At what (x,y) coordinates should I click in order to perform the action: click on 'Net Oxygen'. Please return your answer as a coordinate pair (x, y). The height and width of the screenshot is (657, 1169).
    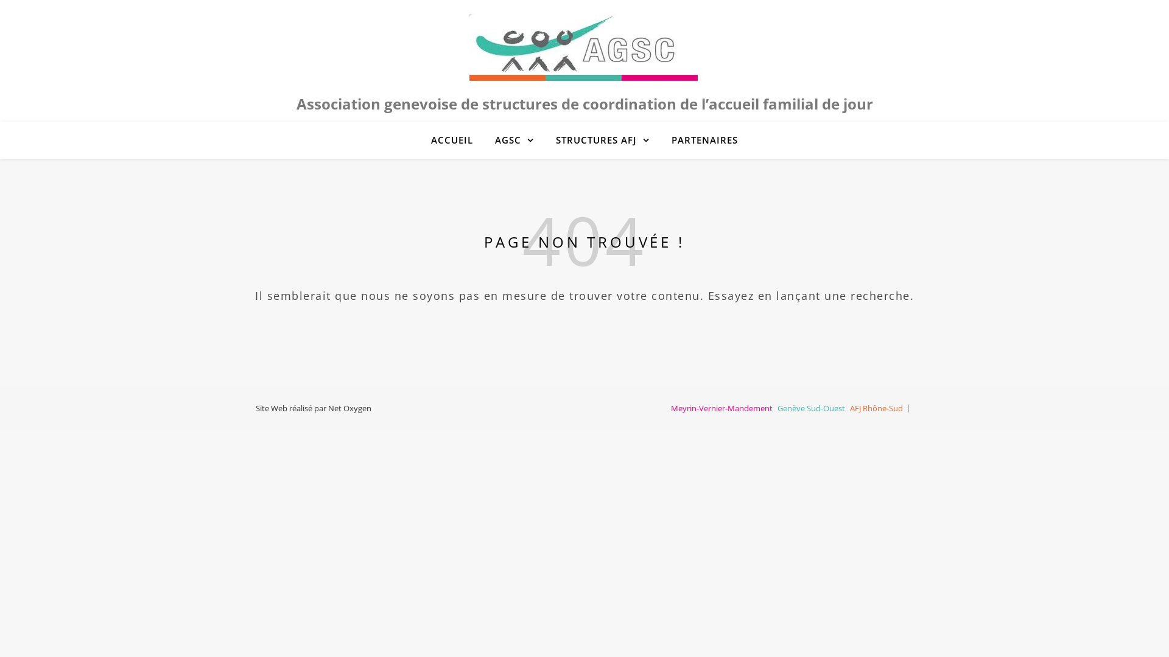
    Looking at the image, I should click on (349, 408).